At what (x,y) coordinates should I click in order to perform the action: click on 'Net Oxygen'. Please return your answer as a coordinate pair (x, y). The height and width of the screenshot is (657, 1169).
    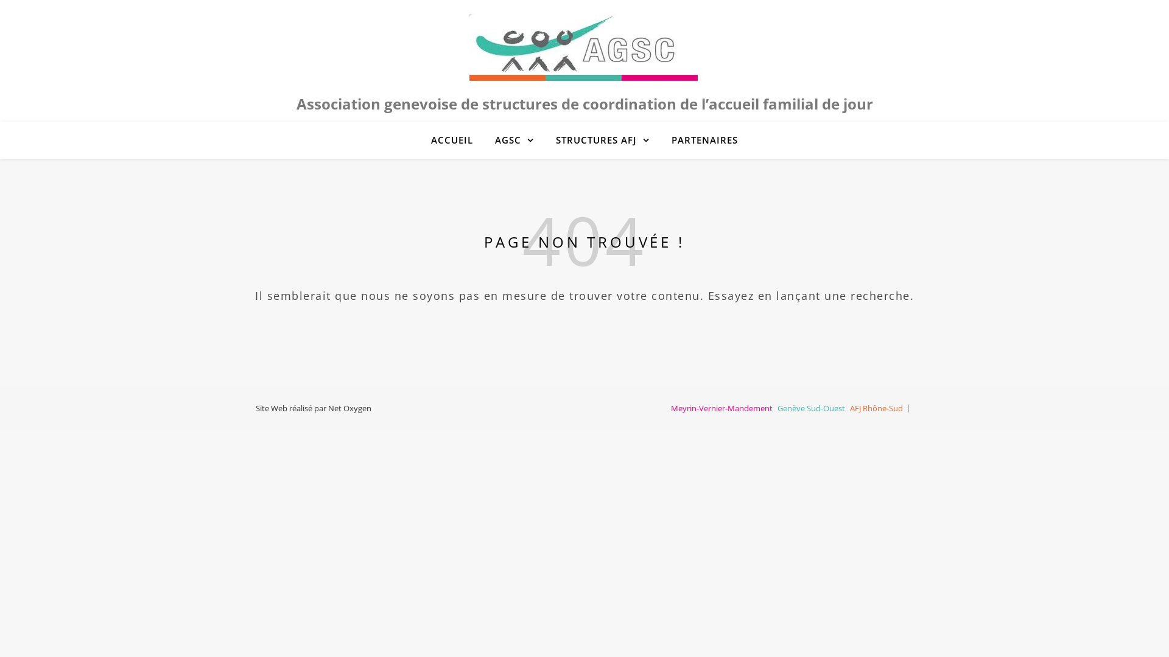
    Looking at the image, I should click on (349, 408).